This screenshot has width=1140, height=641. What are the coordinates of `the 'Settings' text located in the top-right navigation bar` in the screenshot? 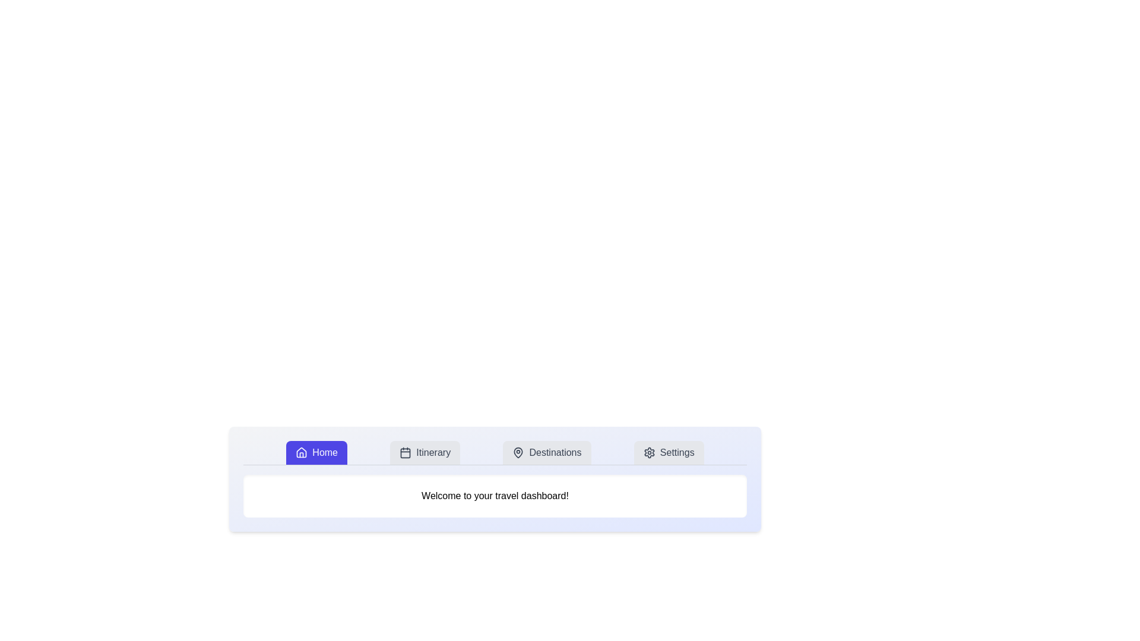 It's located at (677, 453).